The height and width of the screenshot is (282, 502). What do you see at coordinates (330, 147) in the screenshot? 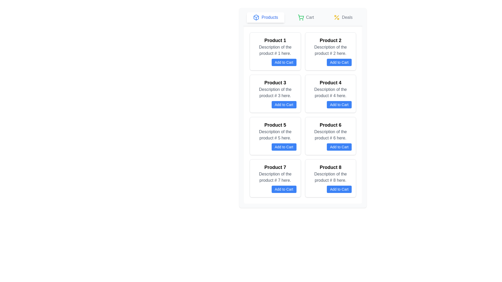
I see `the button located at the bottom-right part of the card for 'Product 6'` at bounding box center [330, 147].